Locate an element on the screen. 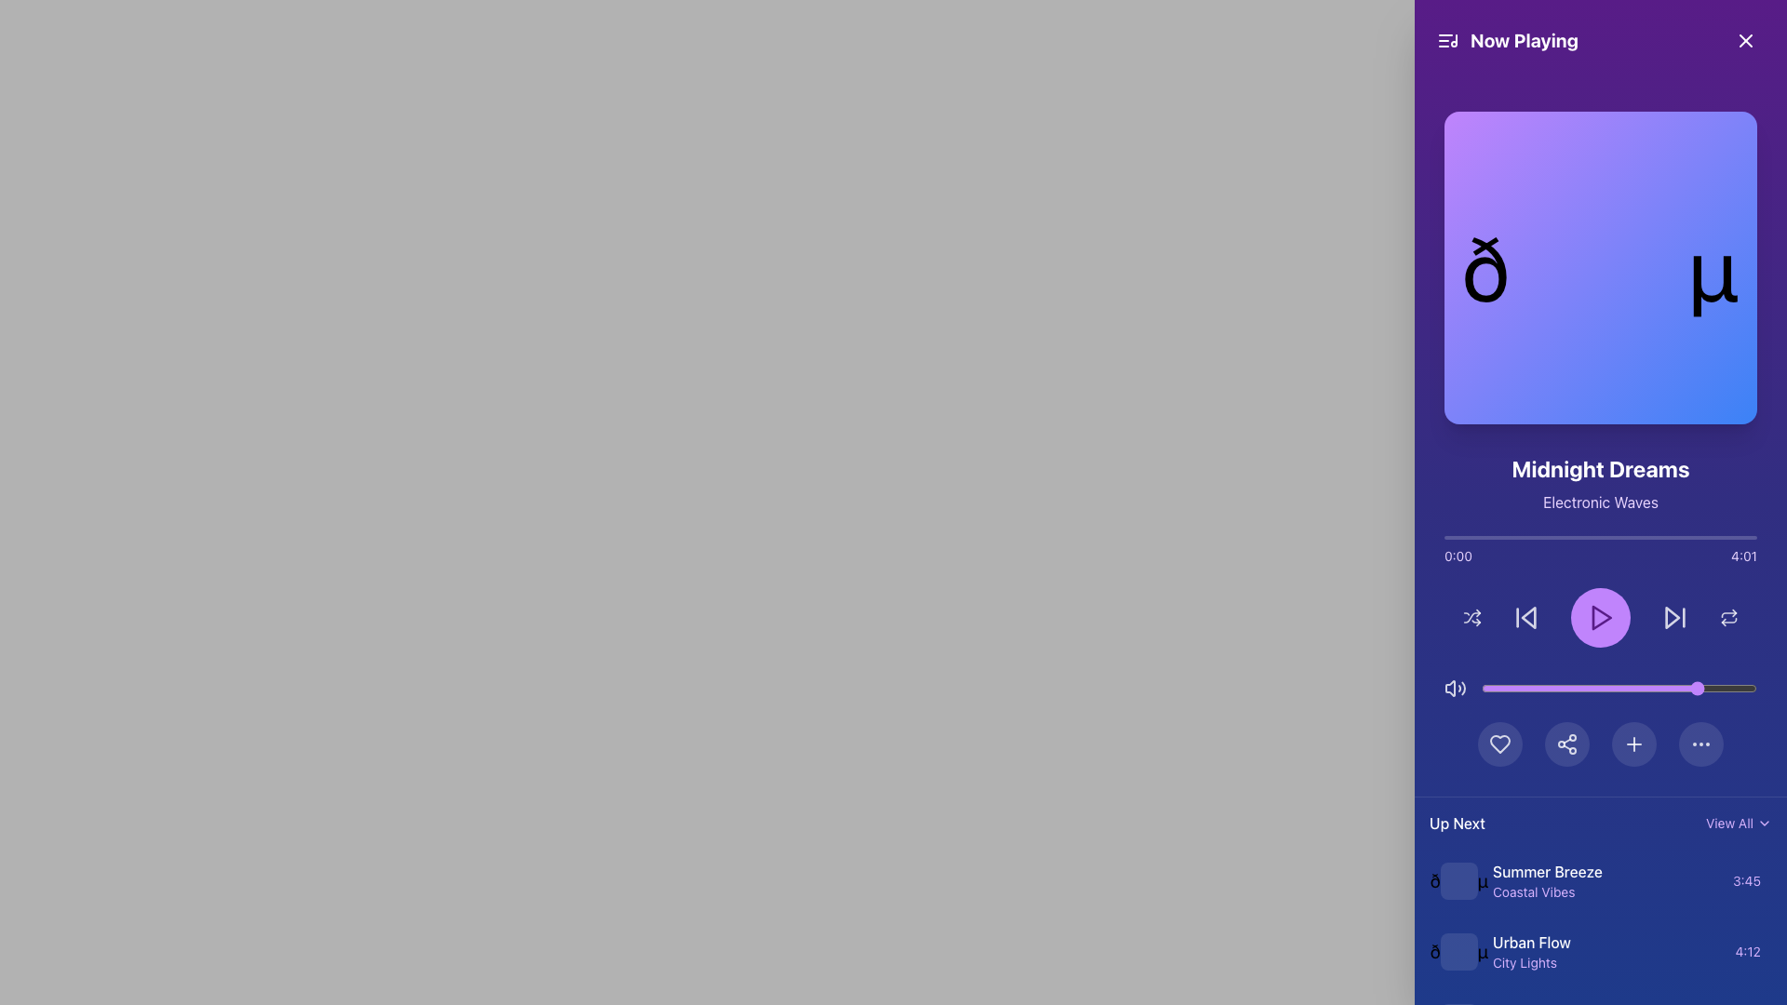 Image resolution: width=1787 pixels, height=1005 pixels. the text label located beneath the 'Summer Breeze' text in the 'Up Next' section is located at coordinates (1604, 891).